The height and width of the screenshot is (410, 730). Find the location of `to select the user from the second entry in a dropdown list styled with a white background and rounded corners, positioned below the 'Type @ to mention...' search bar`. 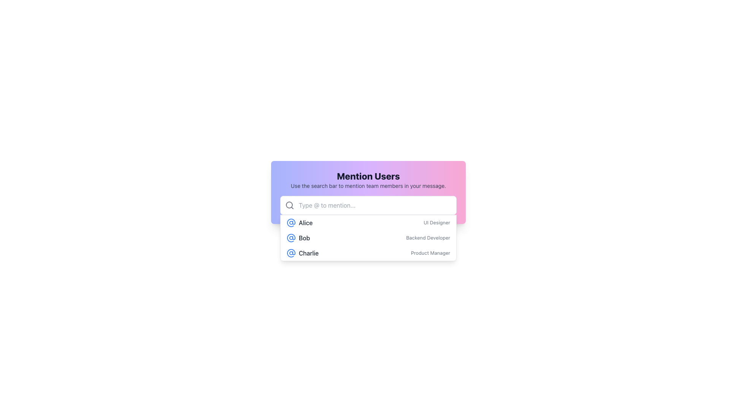

to select the user from the second entry in a dropdown list styled with a white background and rounded corners, positioned below the 'Type @ to mention...' search bar is located at coordinates (368, 237).